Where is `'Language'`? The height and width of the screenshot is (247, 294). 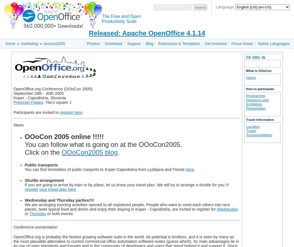 'Language' is located at coordinates (225, 7).